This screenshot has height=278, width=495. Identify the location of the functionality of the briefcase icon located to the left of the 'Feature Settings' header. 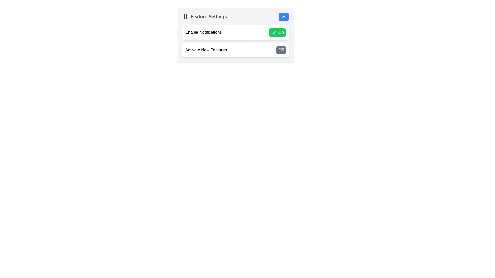
(185, 16).